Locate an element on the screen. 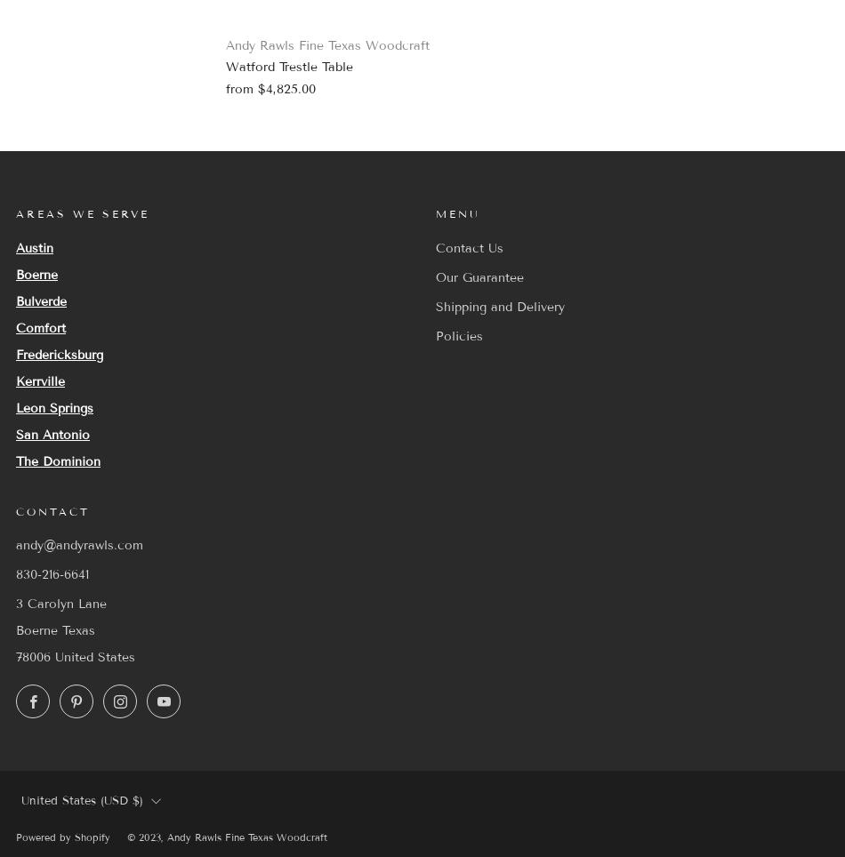 The image size is (845, 857). '(ALL L)' is located at coordinates (76, 645).